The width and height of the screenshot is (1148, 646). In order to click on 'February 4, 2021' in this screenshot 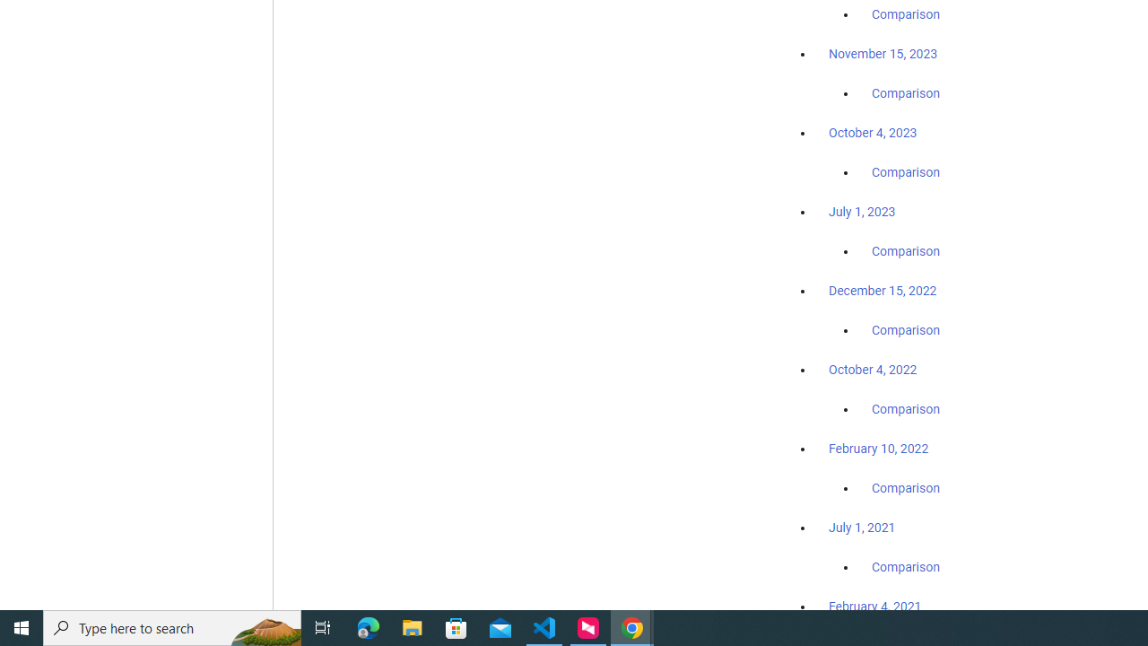, I will do `click(875, 606)`.